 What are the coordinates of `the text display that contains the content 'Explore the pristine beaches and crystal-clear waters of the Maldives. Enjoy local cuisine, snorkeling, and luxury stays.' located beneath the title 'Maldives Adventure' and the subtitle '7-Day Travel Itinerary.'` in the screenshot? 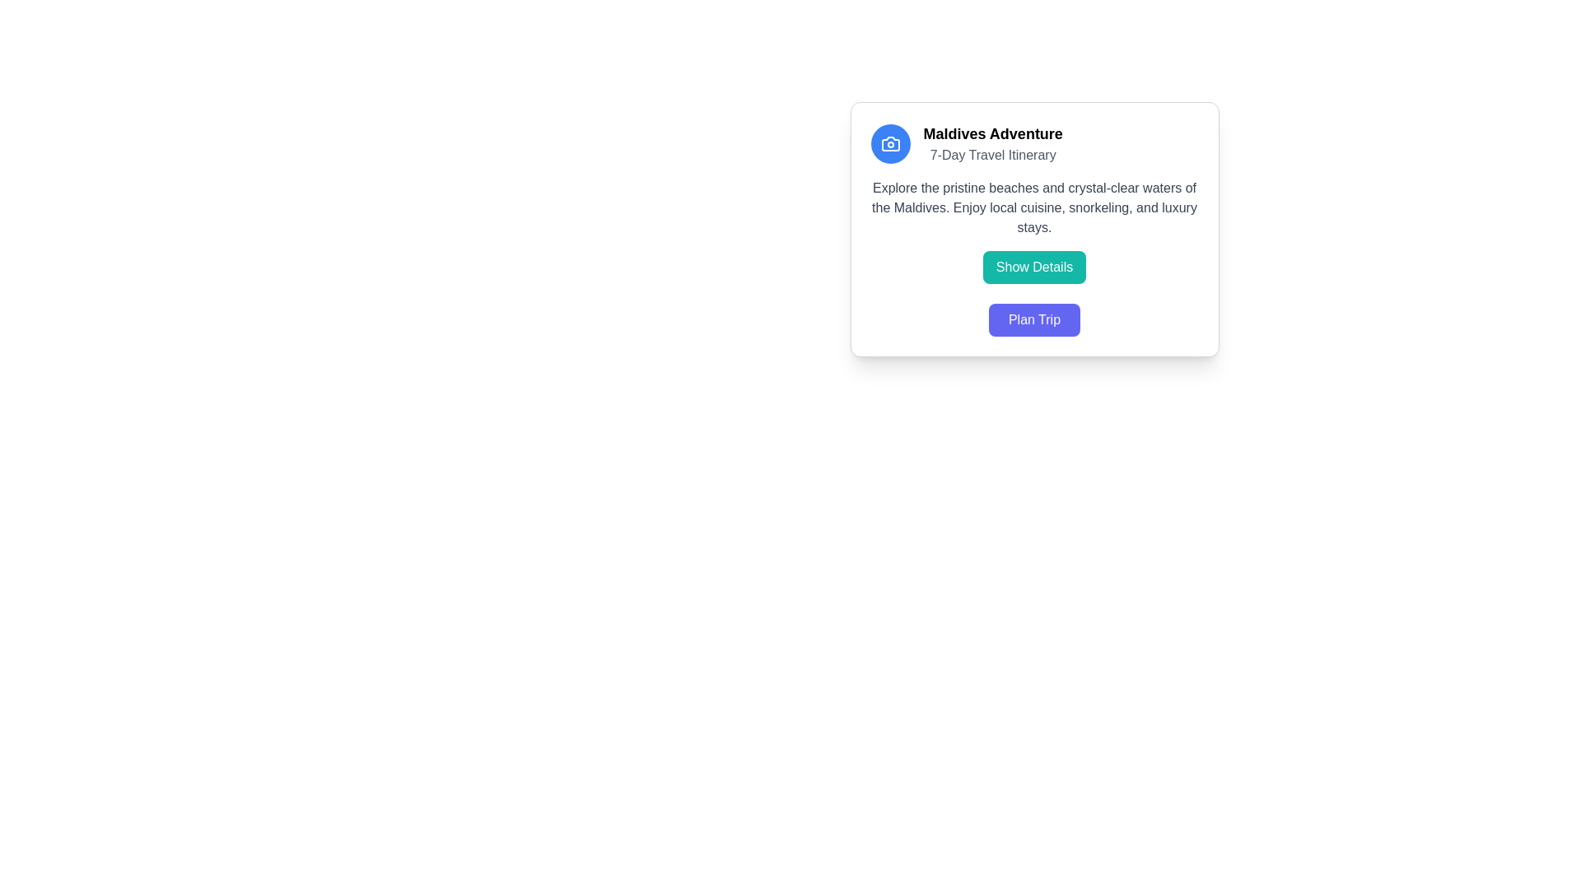 It's located at (1033, 207).